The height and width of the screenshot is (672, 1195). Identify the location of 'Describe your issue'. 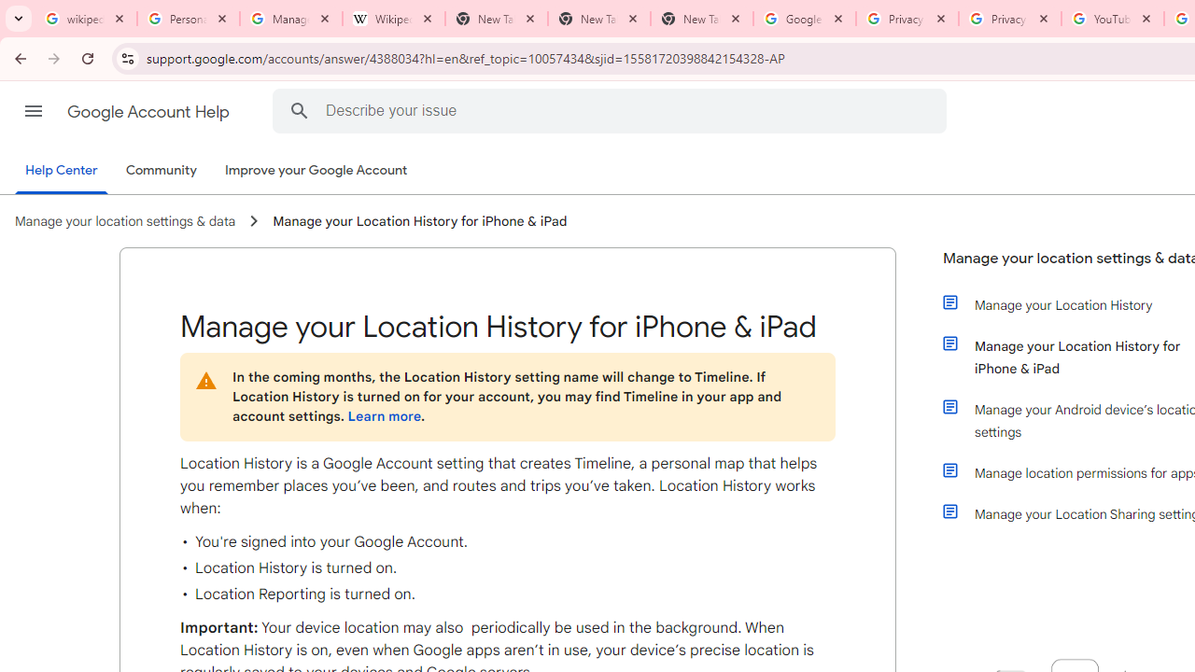
(612, 110).